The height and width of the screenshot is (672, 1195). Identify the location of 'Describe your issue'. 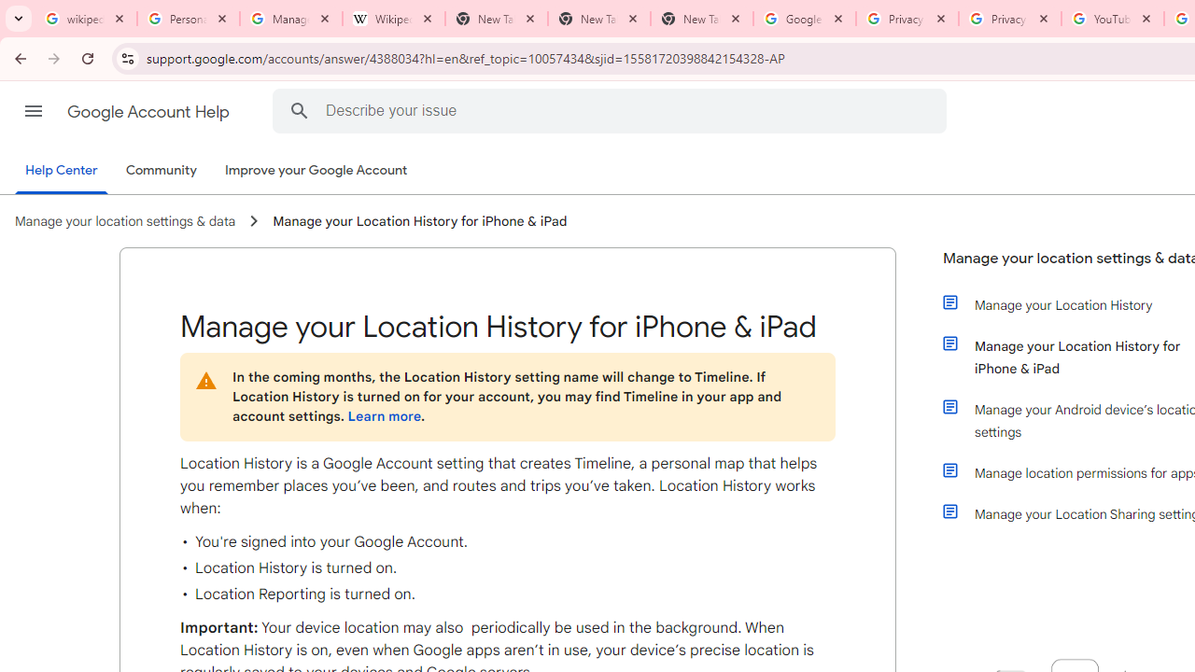
(612, 110).